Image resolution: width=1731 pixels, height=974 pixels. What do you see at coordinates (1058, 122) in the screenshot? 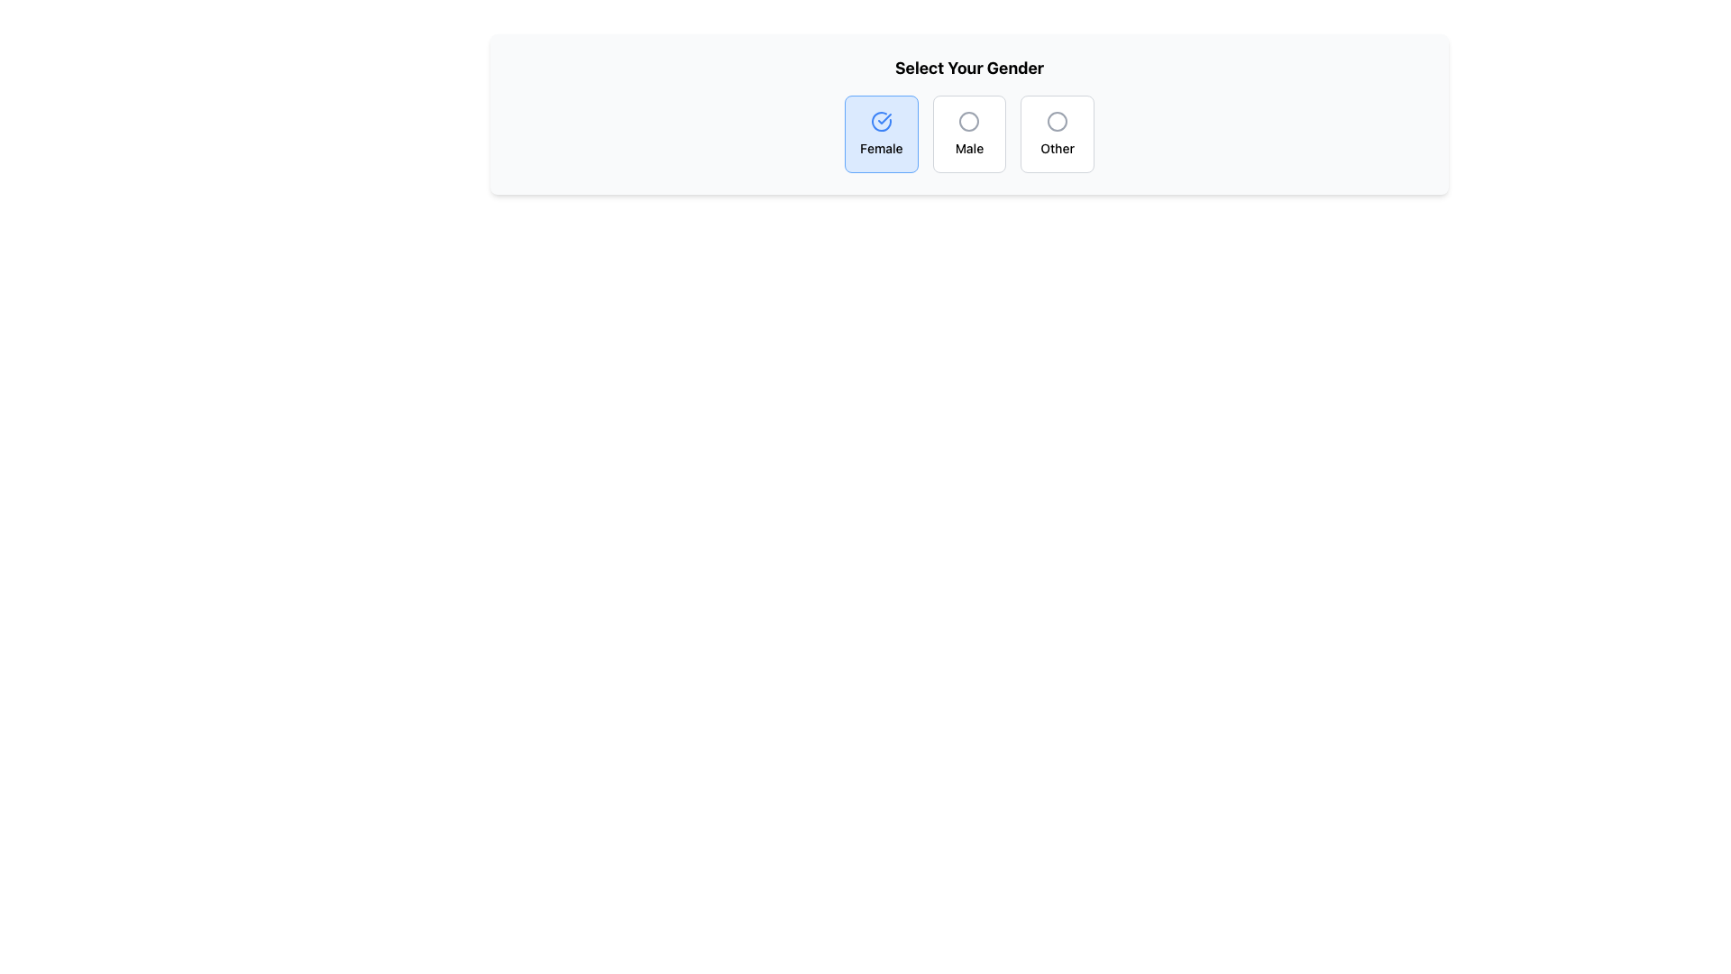
I see `the circular radio button indicator for the 'Other' option under the 'Select Your Gender' section` at bounding box center [1058, 122].